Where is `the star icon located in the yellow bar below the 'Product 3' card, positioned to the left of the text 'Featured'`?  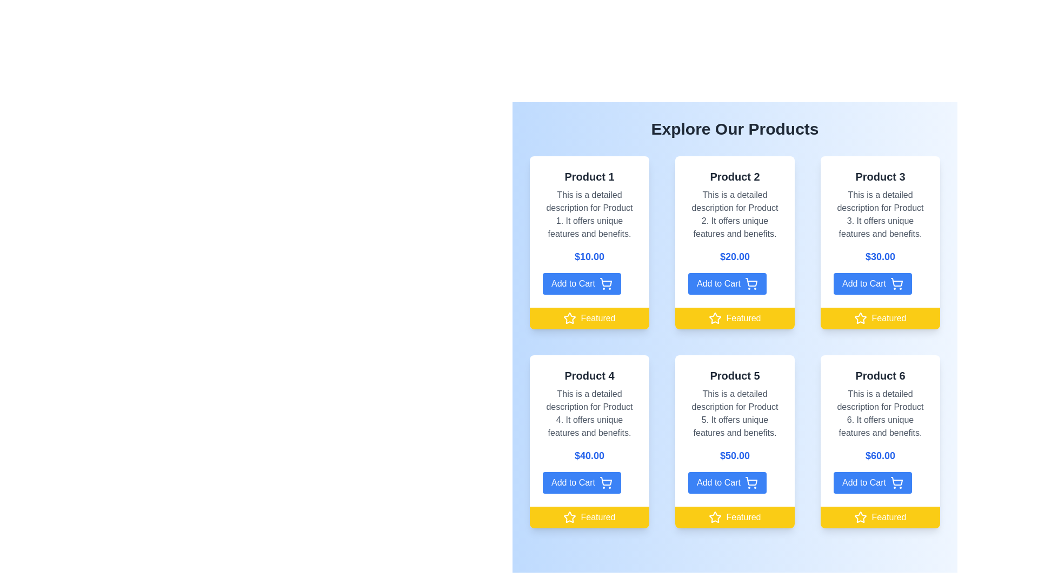 the star icon located in the yellow bar below the 'Product 3' card, positioned to the left of the text 'Featured' is located at coordinates (860, 318).